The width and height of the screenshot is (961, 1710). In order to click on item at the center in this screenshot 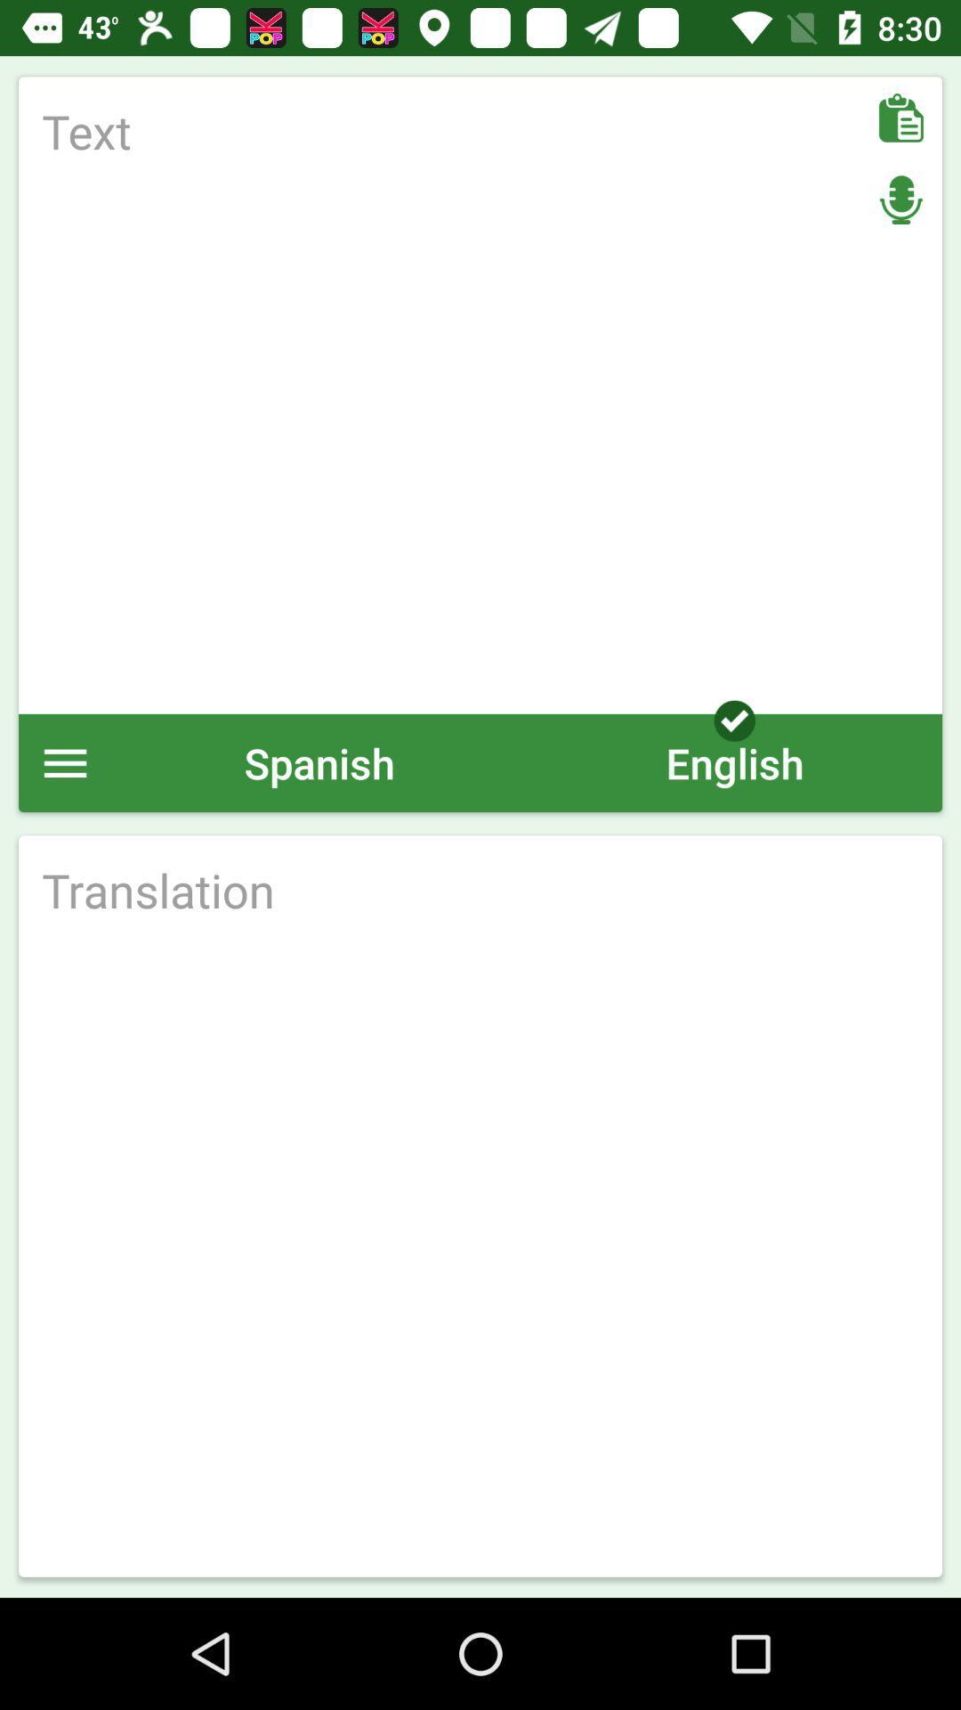, I will do `click(480, 890)`.